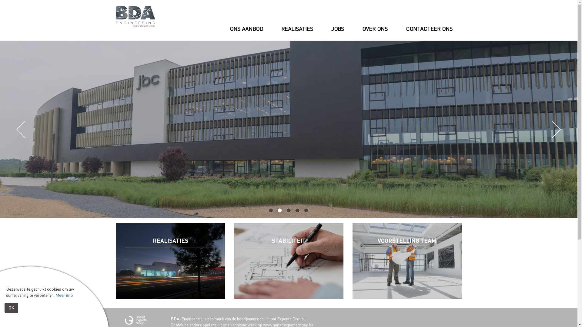 Image resolution: width=582 pixels, height=327 pixels. Describe the element at coordinates (288, 260) in the screenshot. I see `'STABILITEIT'` at that location.